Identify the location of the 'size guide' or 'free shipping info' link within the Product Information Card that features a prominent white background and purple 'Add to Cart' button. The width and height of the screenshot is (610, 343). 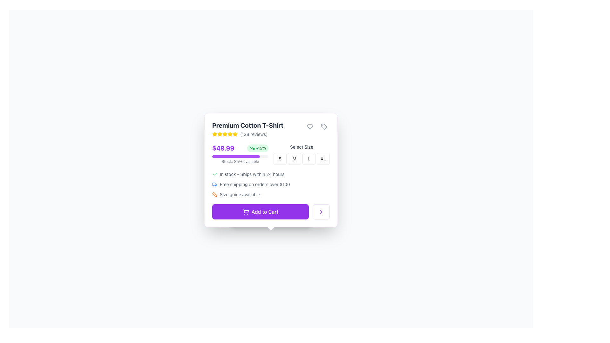
(271, 170).